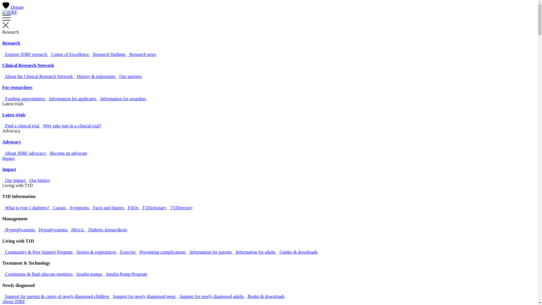 The height and width of the screenshot is (305, 542). Describe the element at coordinates (19, 230) in the screenshot. I see `'Hyperglycaemia'` at that location.